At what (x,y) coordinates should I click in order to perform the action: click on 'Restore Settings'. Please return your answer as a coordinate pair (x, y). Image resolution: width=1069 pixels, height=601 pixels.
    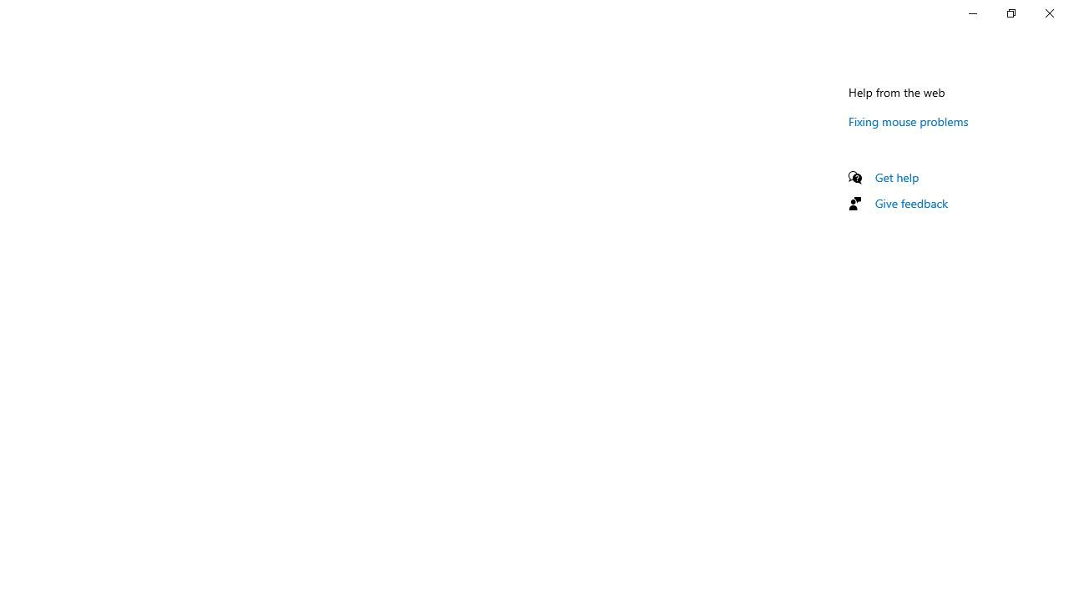
    Looking at the image, I should click on (1010, 13).